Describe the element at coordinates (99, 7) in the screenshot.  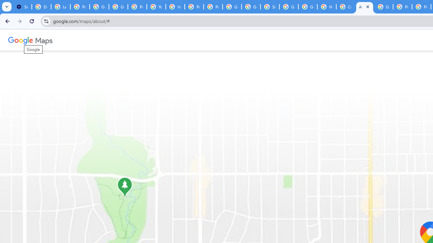
I see `'Google Account Help'` at that location.